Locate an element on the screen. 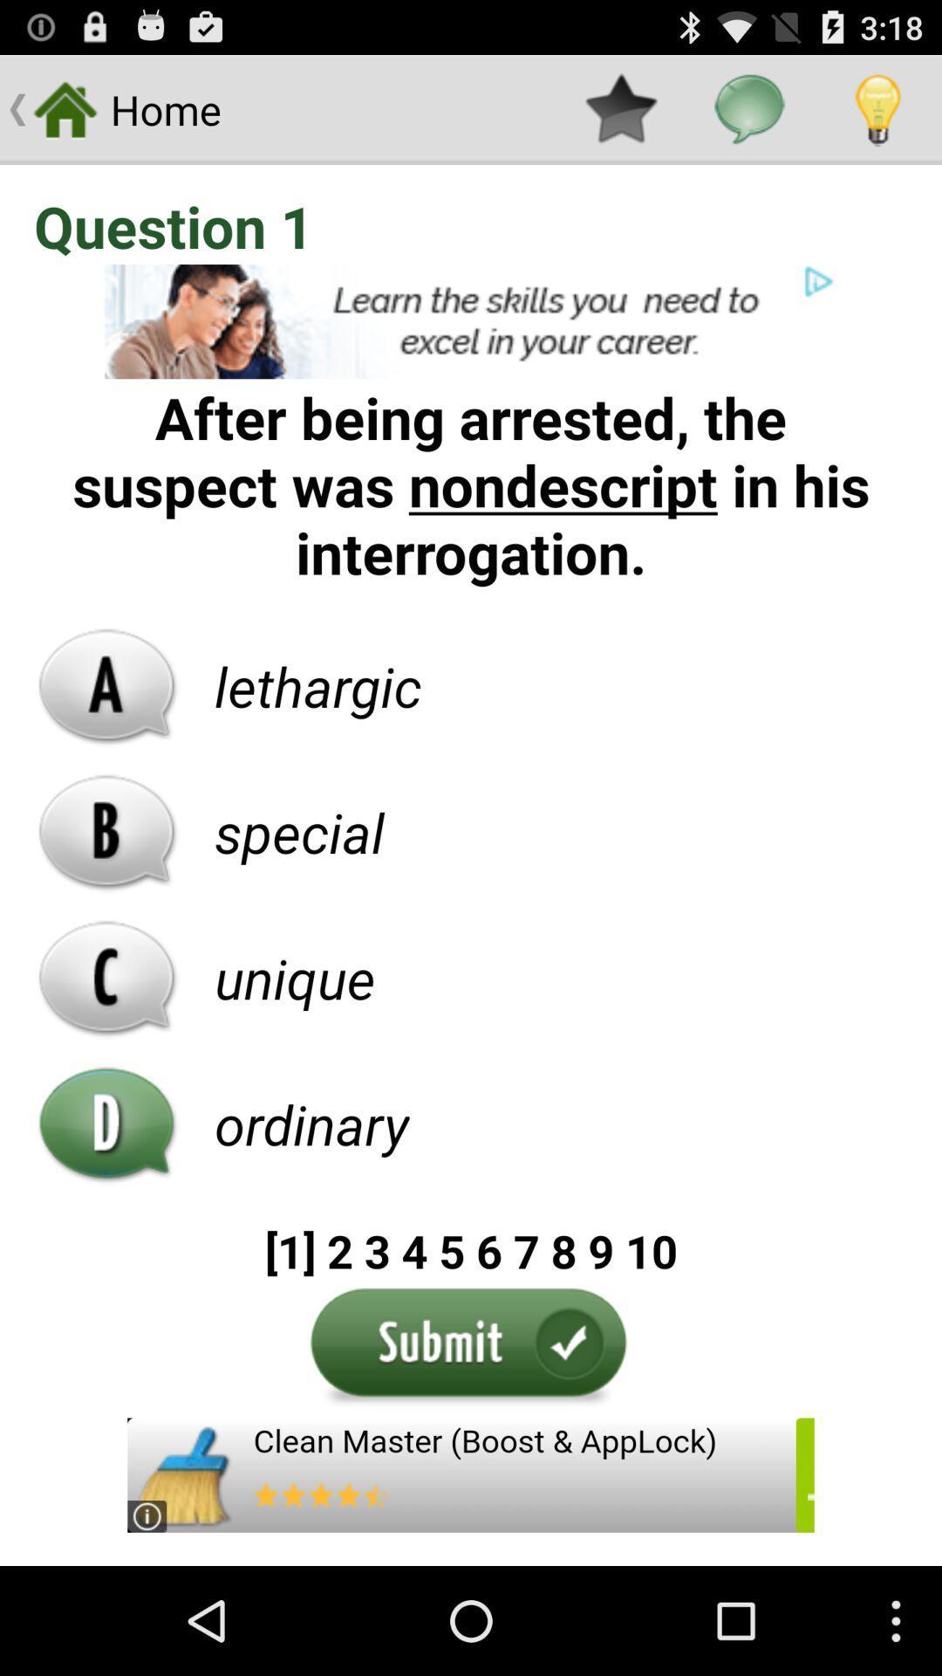 Image resolution: width=942 pixels, height=1676 pixels. advertisement for career skills is located at coordinates (471, 321).